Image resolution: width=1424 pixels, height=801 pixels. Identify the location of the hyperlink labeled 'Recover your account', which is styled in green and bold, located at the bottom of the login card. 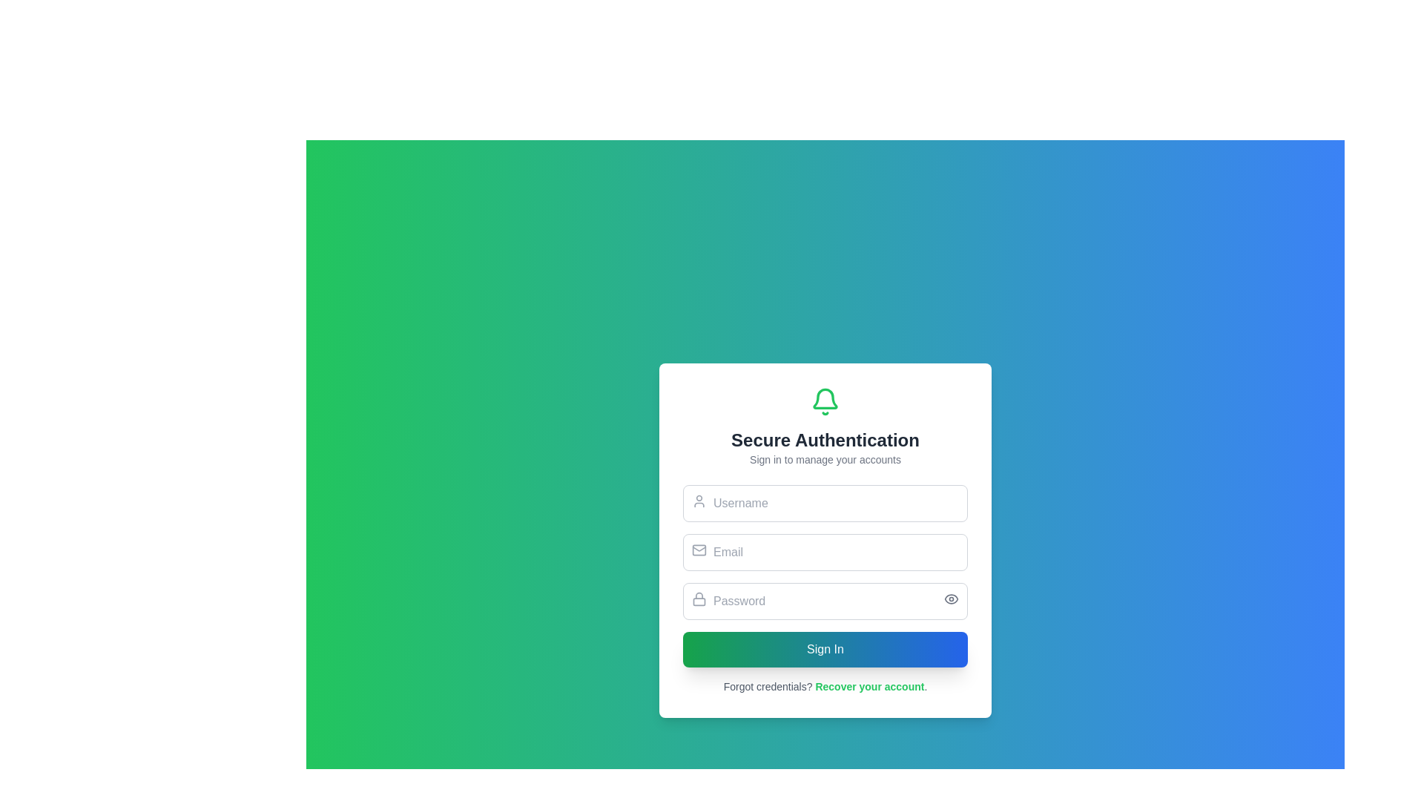
(869, 686).